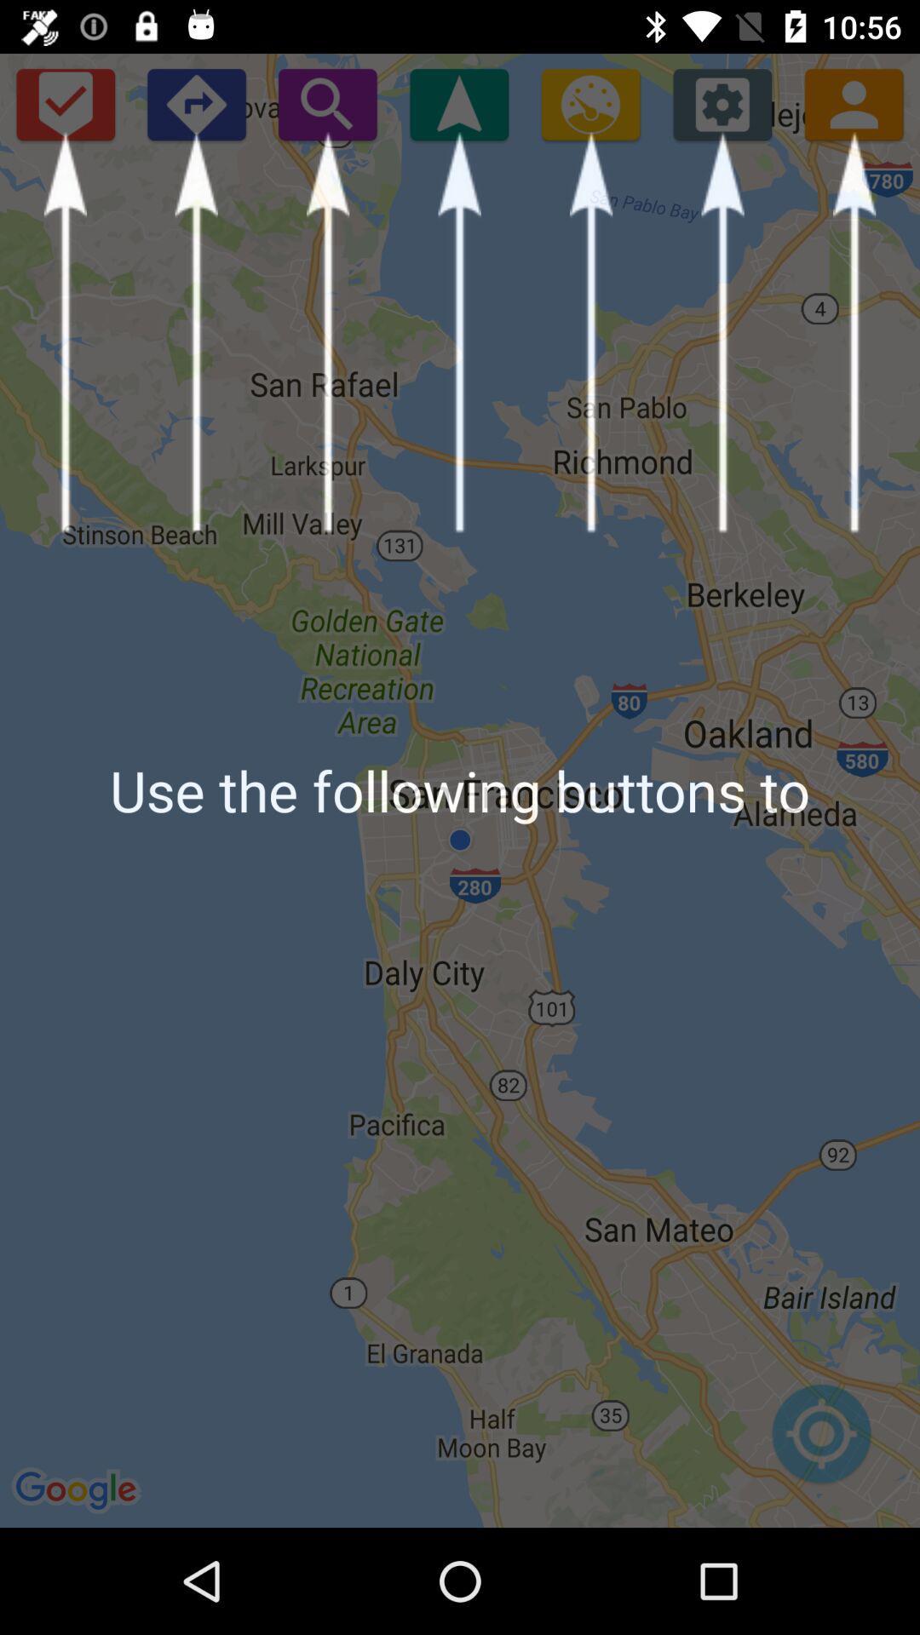 This screenshot has height=1635, width=920. Describe the element at coordinates (854, 103) in the screenshot. I see `item above use the following icon` at that location.